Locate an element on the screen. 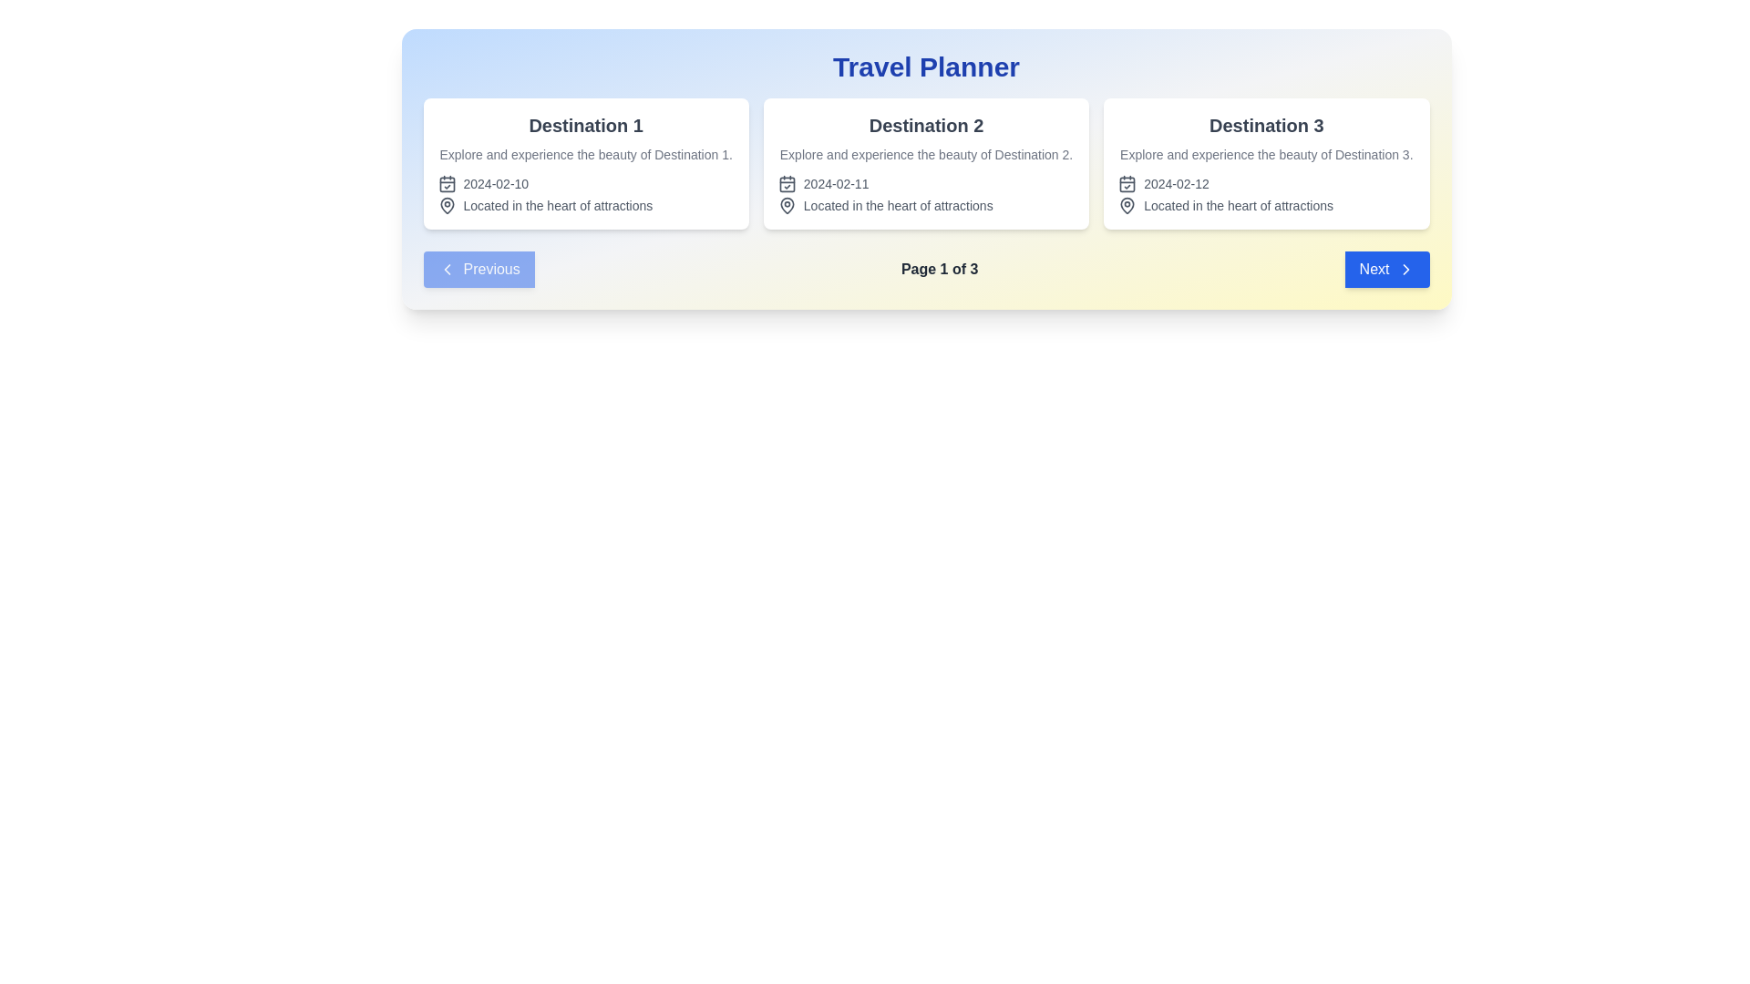  the bold text label 'Destination 3' located at the top of the third card in a row of three cards is located at coordinates (1265, 125).